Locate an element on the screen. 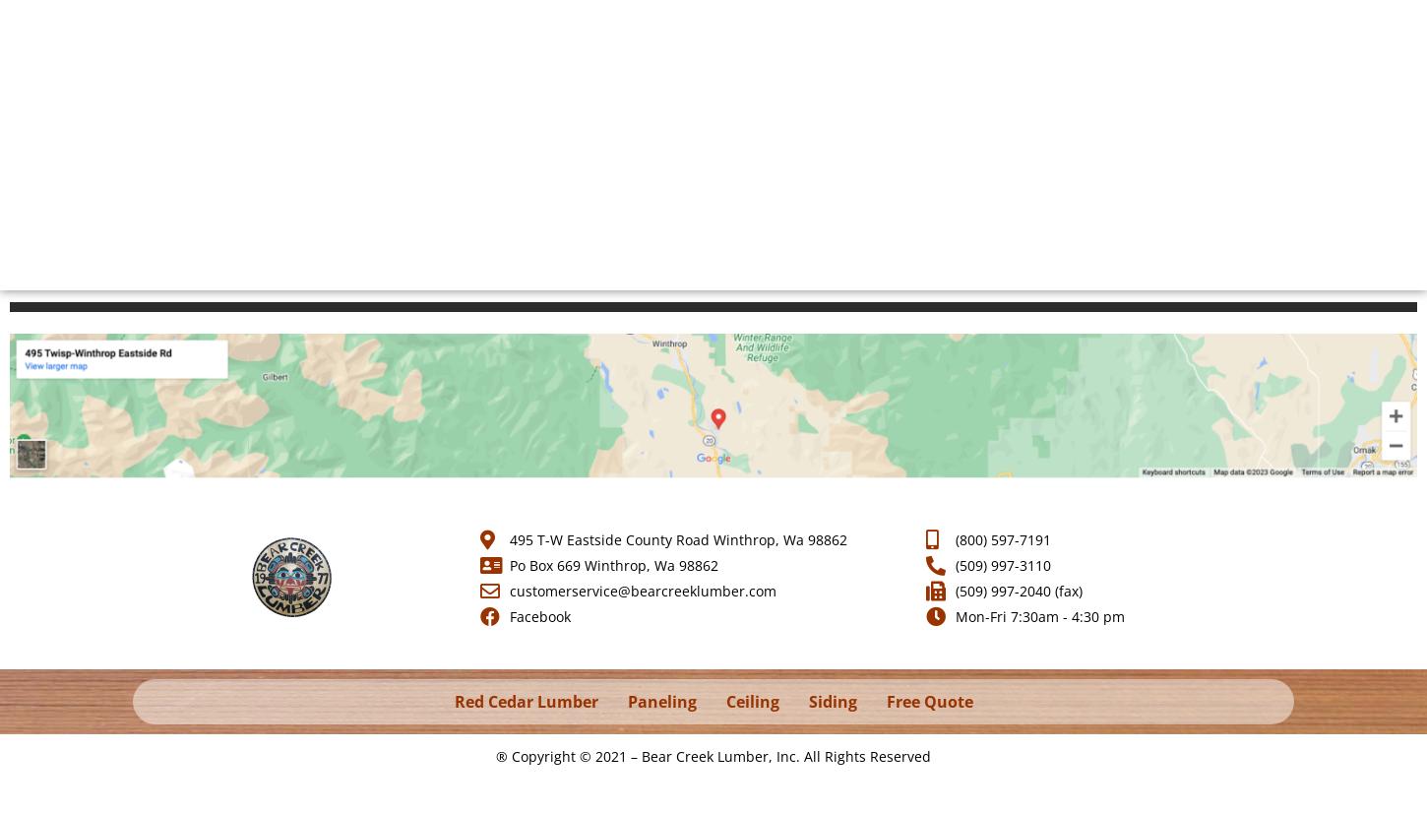 This screenshot has height=813, width=1427. '495 T-W Eastside County Road Winthrop, Wa 98862' is located at coordinates (676, 539).